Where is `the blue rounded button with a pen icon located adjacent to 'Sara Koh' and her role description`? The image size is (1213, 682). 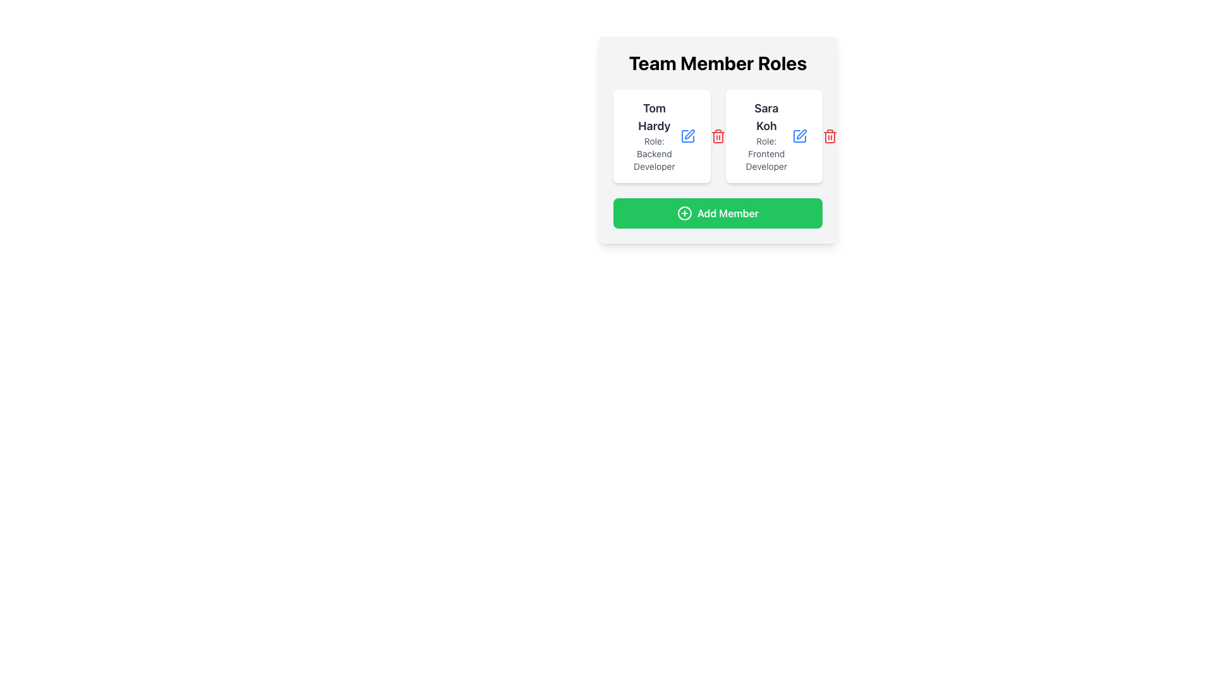 the blue rounded button with a pen icon located adjacent to 'Sara Koh' and her role description is located at coordinates (799, 136).